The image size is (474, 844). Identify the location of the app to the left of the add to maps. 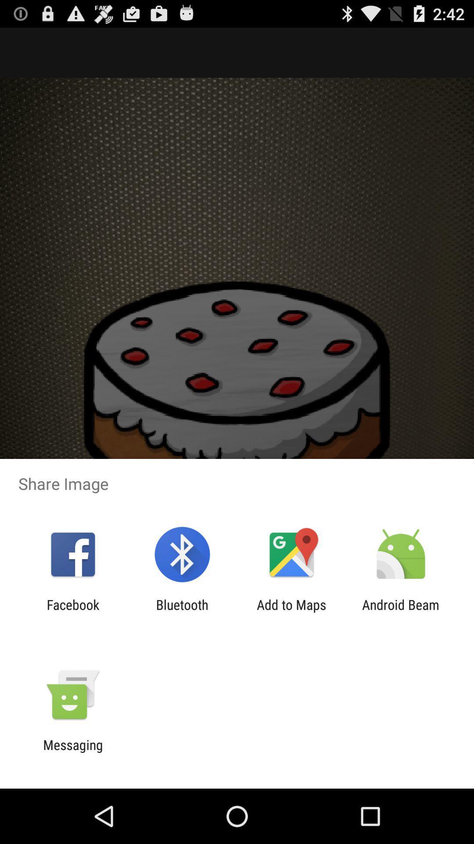
(182, 612).